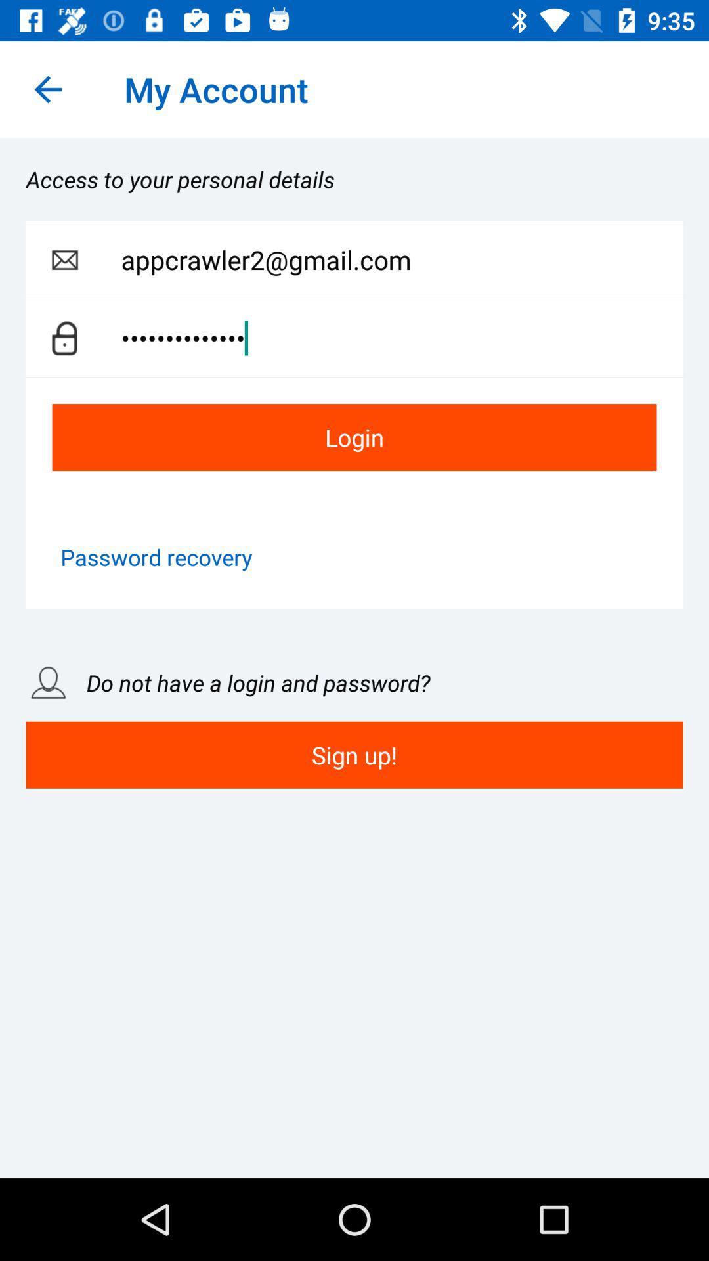 The height and width of the screenshot is (1261, 709). I want to click on the appcrawler2@gmail.com icon, so click(401, 260).